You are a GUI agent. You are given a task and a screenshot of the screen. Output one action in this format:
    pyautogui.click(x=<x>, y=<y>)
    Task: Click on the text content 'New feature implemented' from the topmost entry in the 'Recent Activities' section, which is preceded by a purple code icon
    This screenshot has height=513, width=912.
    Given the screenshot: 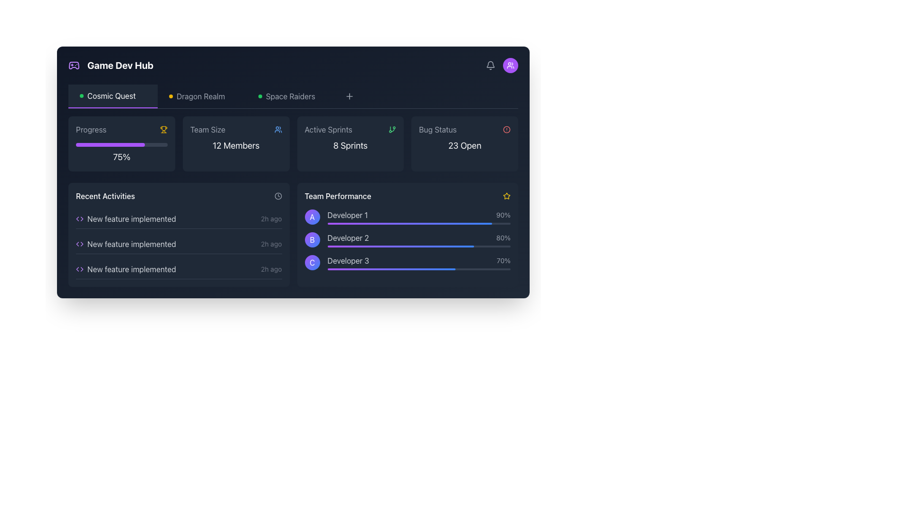 What is the action you would take?
    pyautogui.click(x=125, y=219)
    